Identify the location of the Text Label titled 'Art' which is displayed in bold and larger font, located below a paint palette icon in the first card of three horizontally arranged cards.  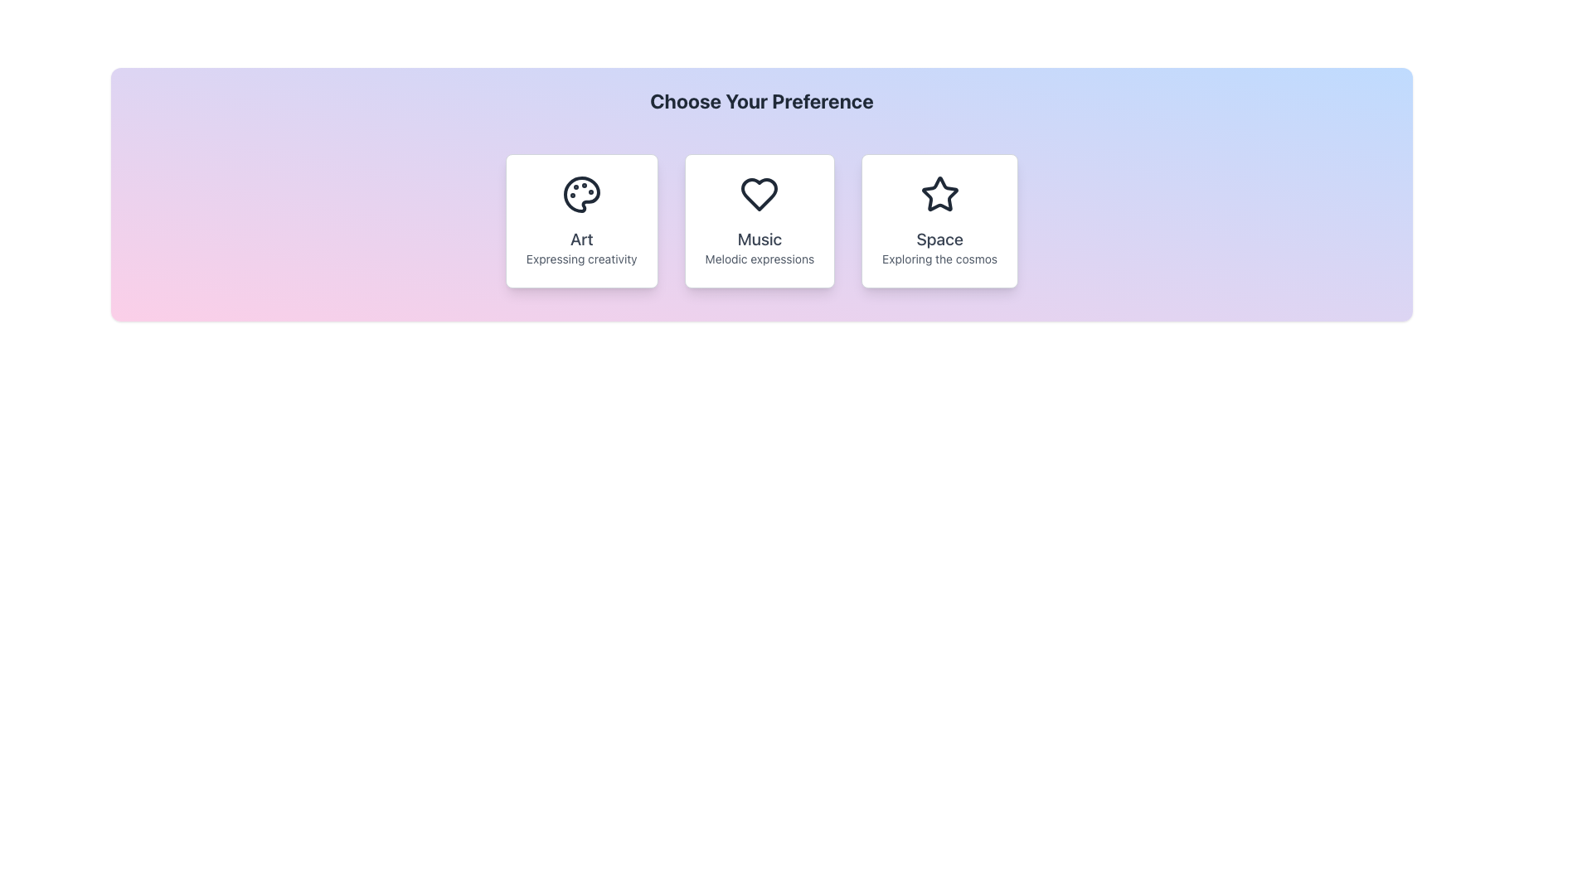
(581, 248).